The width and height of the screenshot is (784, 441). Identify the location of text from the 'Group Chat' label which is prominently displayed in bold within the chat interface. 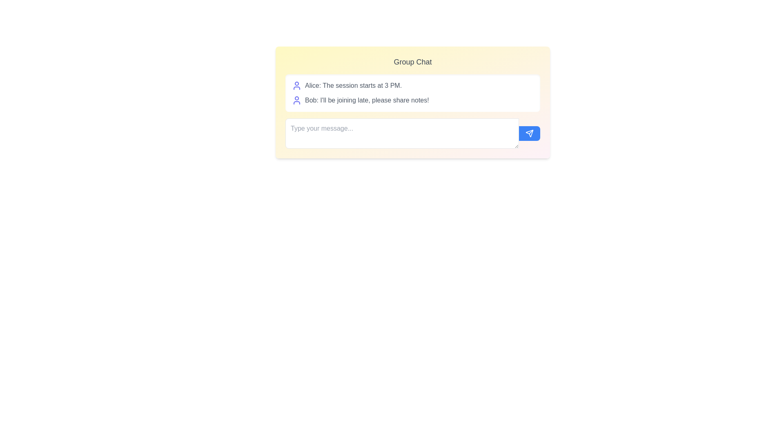
(413, 61).